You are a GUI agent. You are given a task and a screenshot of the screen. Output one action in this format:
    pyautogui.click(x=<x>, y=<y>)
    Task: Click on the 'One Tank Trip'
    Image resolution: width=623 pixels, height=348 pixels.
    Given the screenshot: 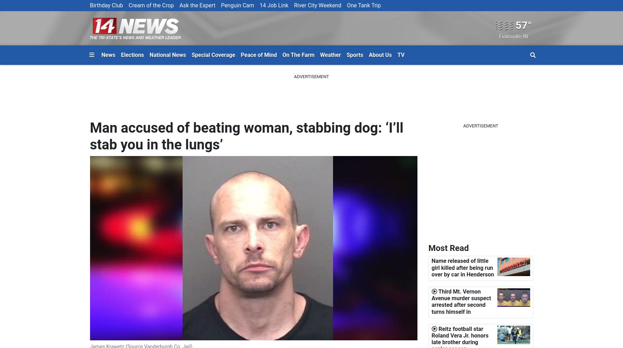 What is the action you would take?
    pyautogui.click(x=347, y=5)
    